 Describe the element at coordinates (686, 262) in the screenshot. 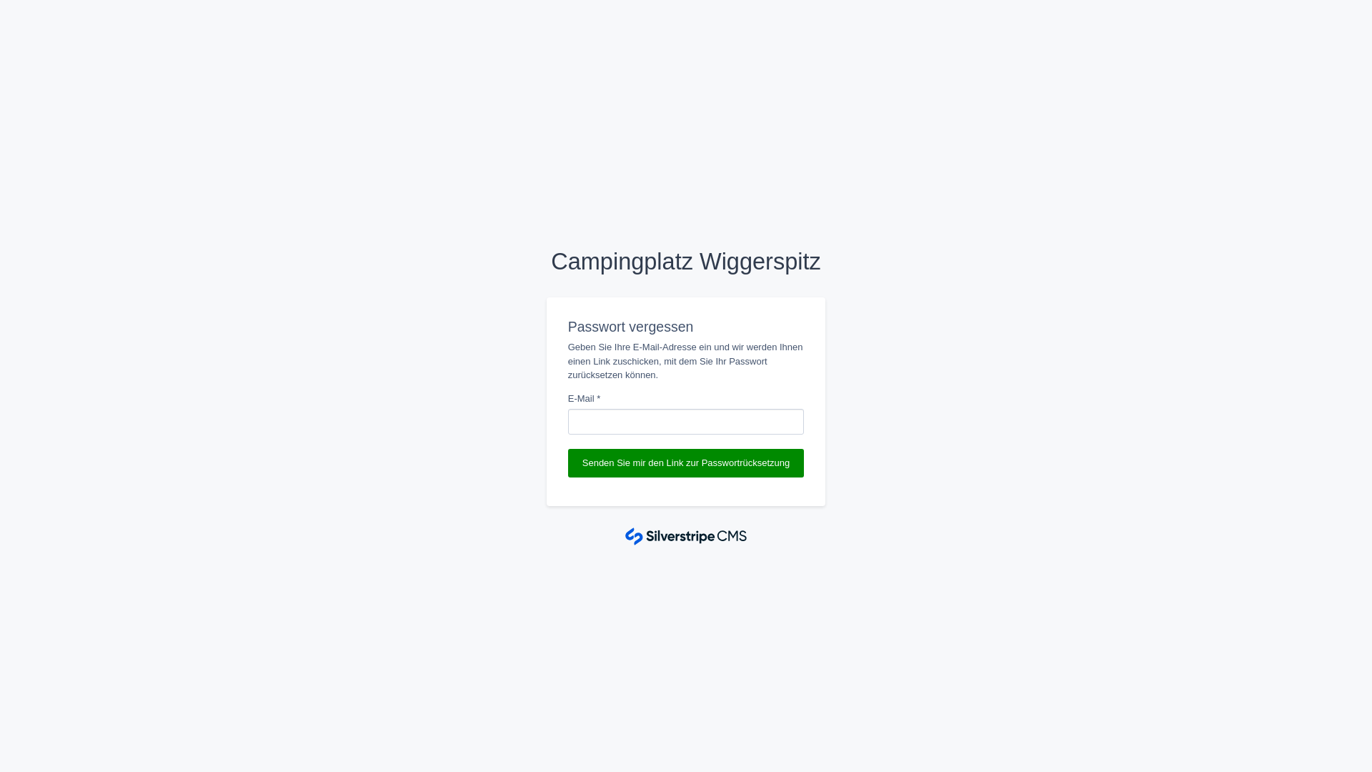

I see `'Campingplatz Wiggerspitz'` at that location.